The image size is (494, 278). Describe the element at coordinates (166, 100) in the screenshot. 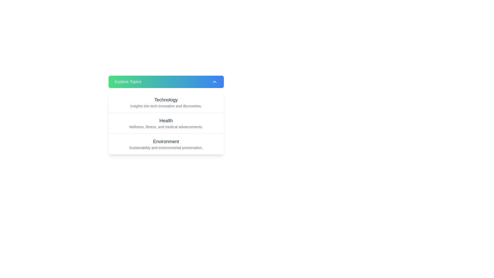

I see `text label titled 'Technology' located at the top-left of the dropdown menu, above the phrase 'Insights into tech innovation and discoveries.'` at that location.